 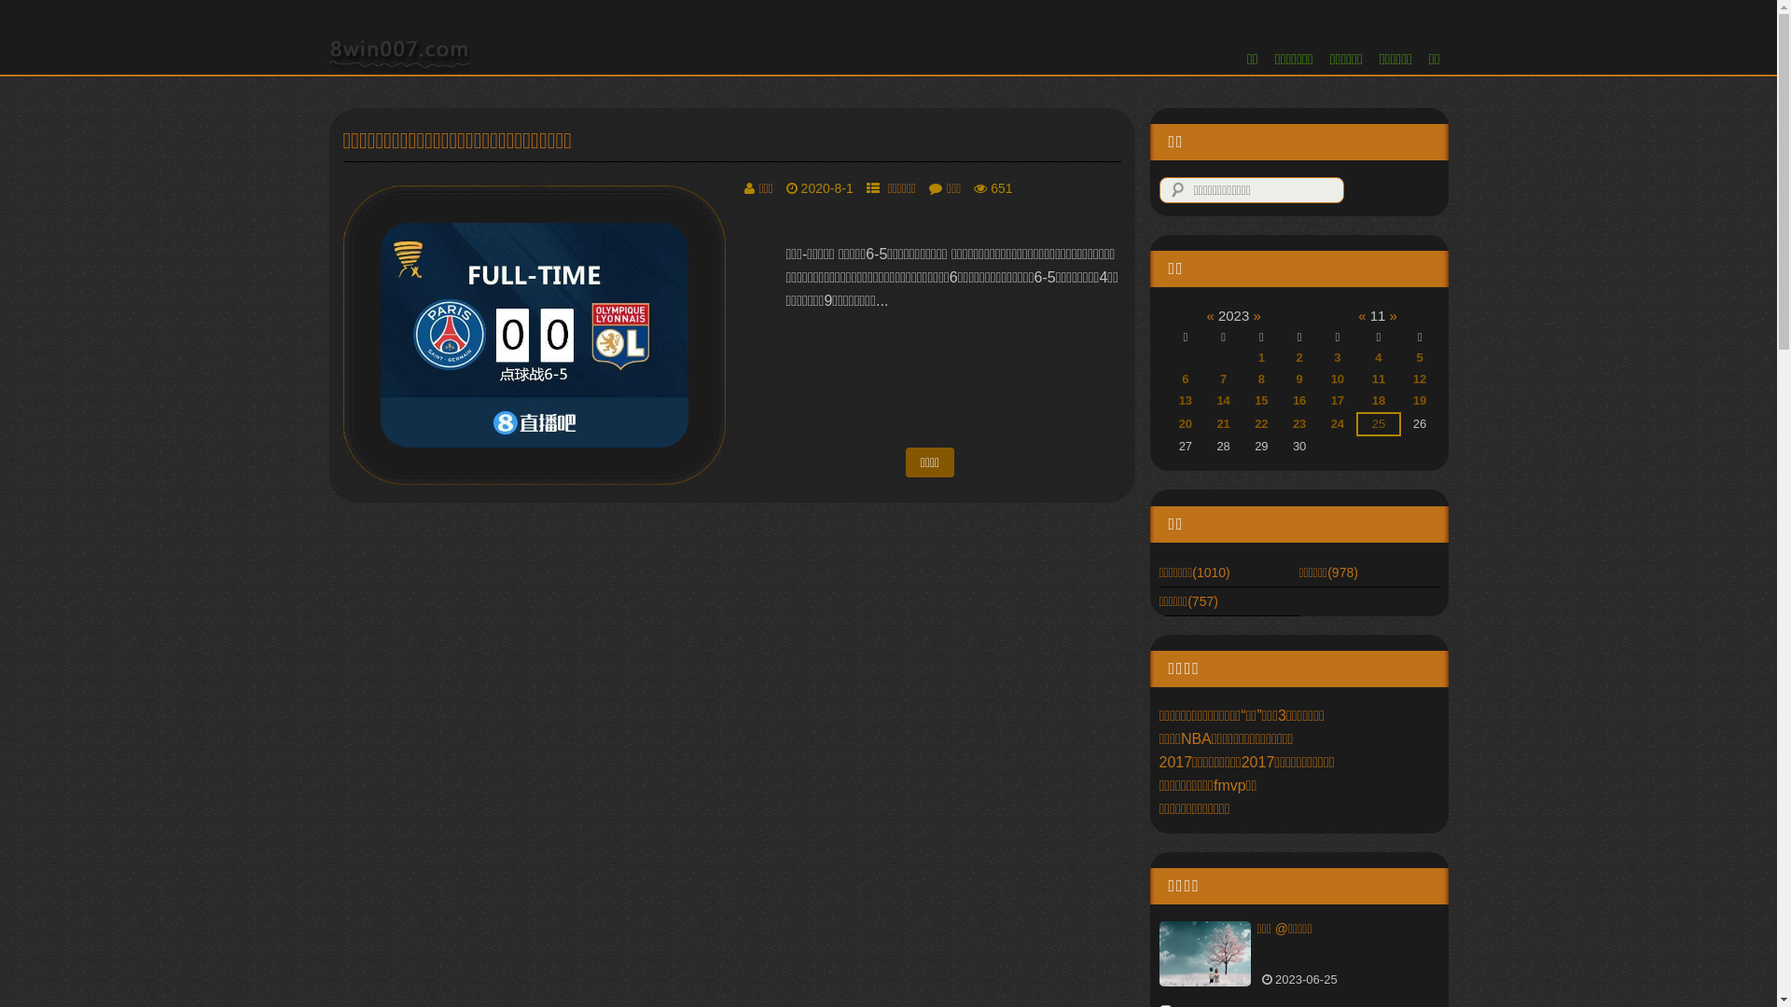 What do you see at coordinates (1379, 423) in the screenshot?
I see `'25'` at bounding box center [1379, 423].